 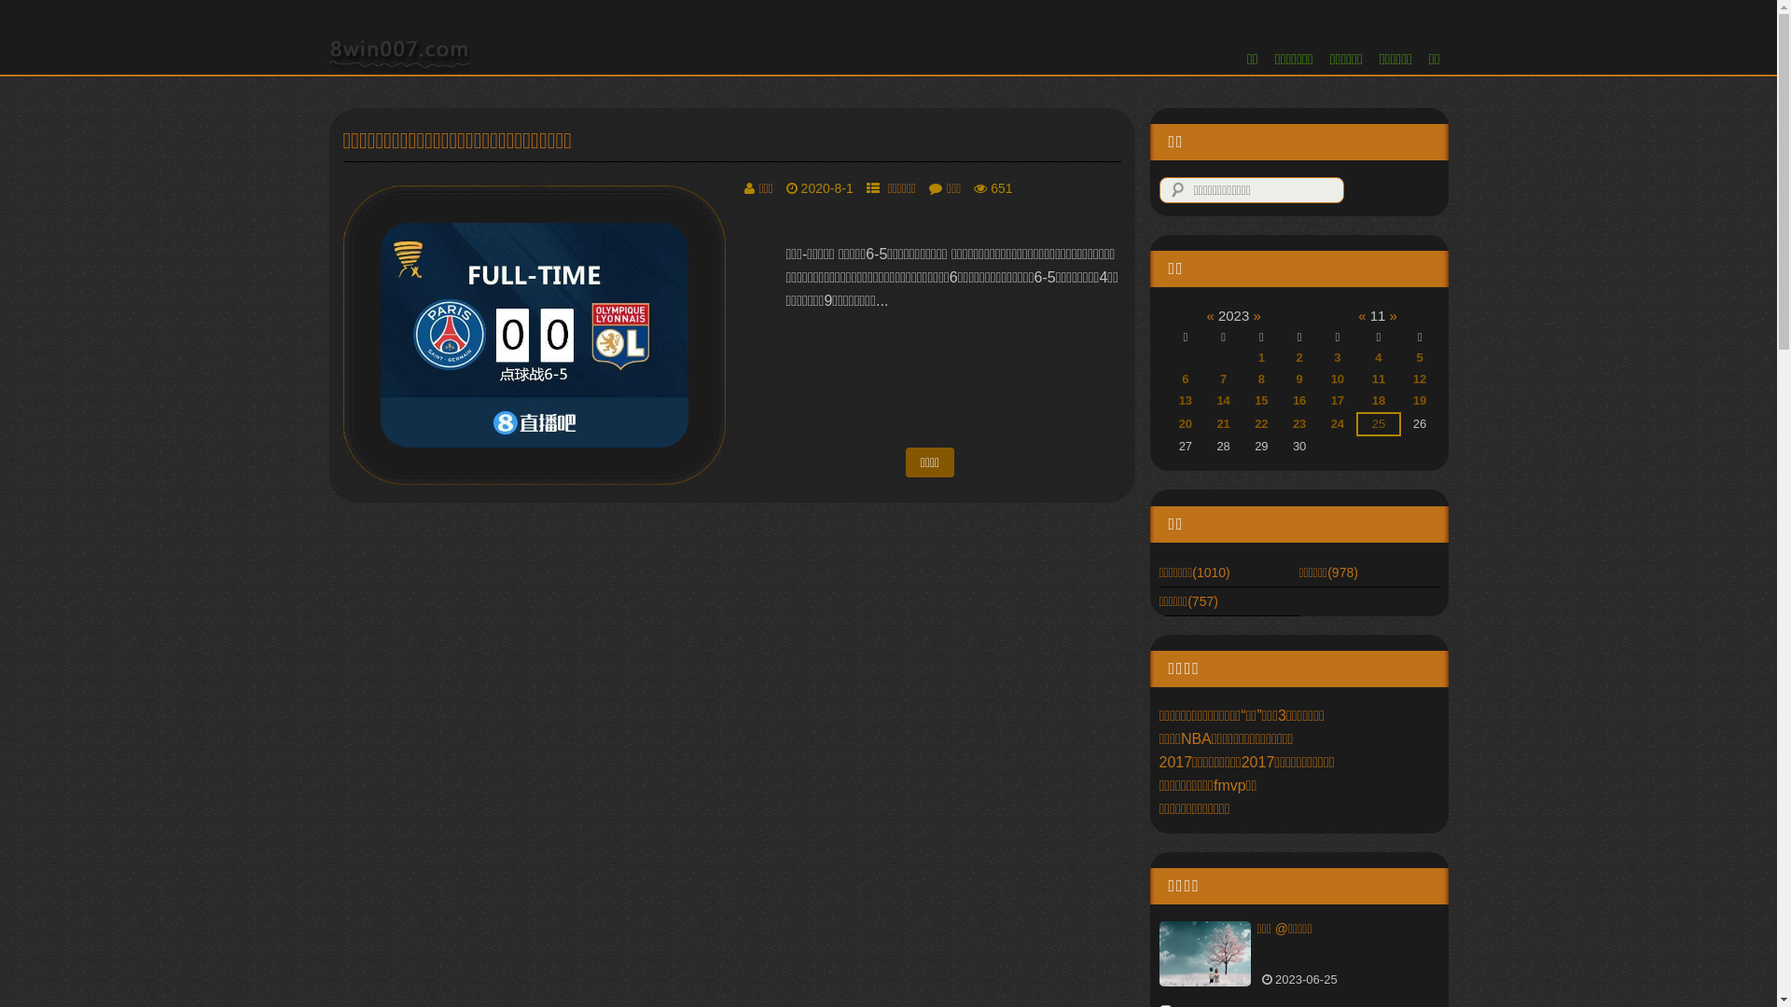 What do you see at coordinates (1379, 423) in the screenshot?
I see `'25'` at bounding box center [1379, 423].